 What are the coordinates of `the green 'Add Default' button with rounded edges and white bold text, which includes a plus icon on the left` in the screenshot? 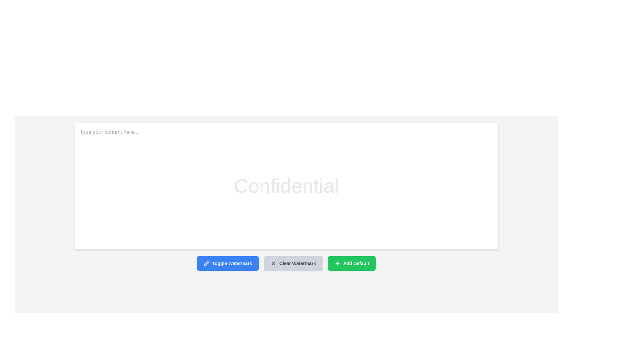 It's located at (351, 263).